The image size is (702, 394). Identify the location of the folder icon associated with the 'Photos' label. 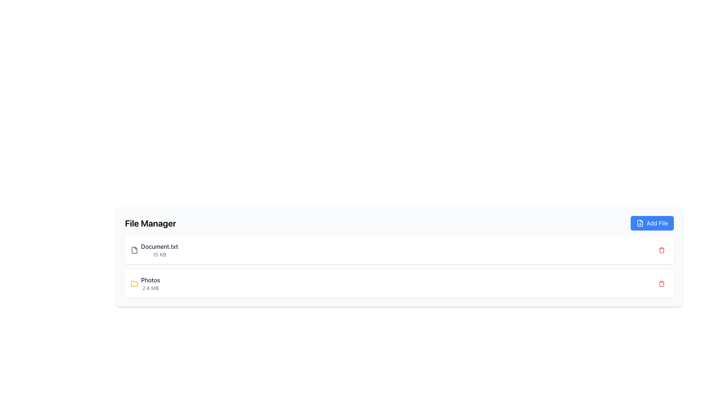
(150, 279).